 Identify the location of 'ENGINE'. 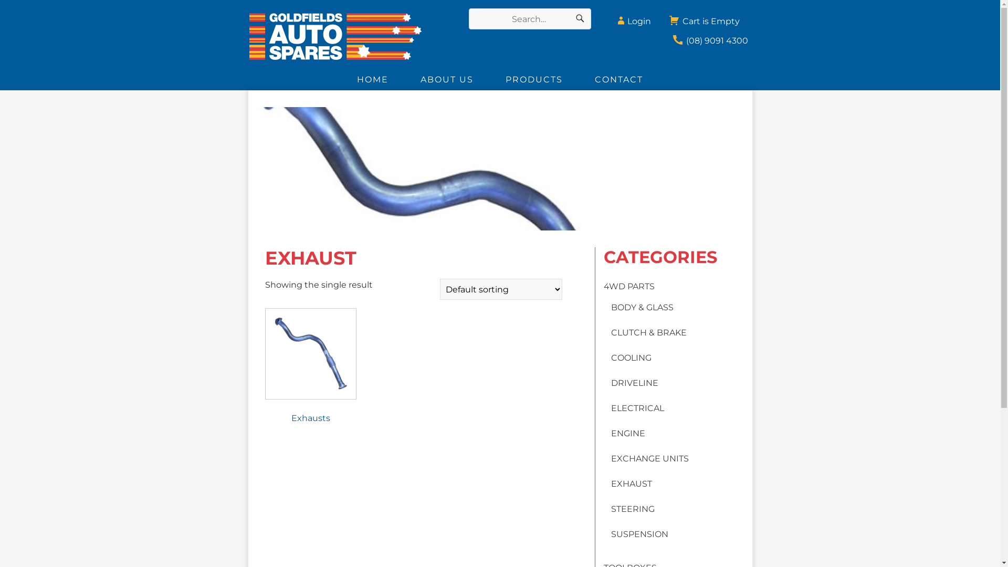
(628, 433).